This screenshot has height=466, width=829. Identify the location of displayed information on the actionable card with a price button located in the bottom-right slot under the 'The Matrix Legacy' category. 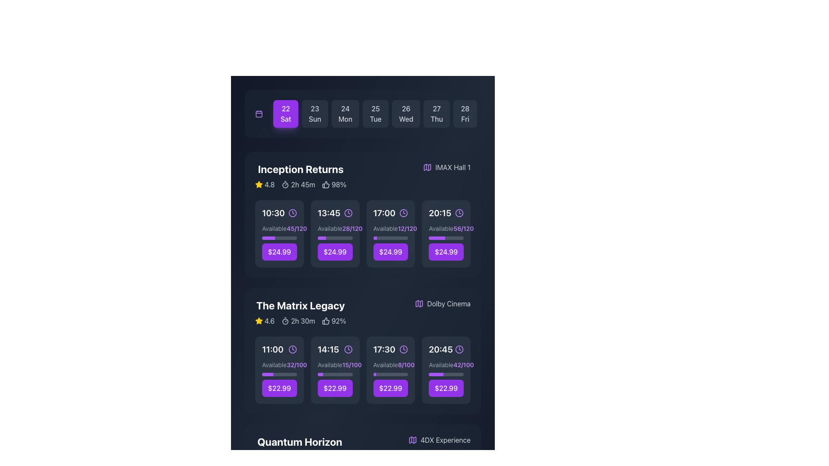
(446, 378).